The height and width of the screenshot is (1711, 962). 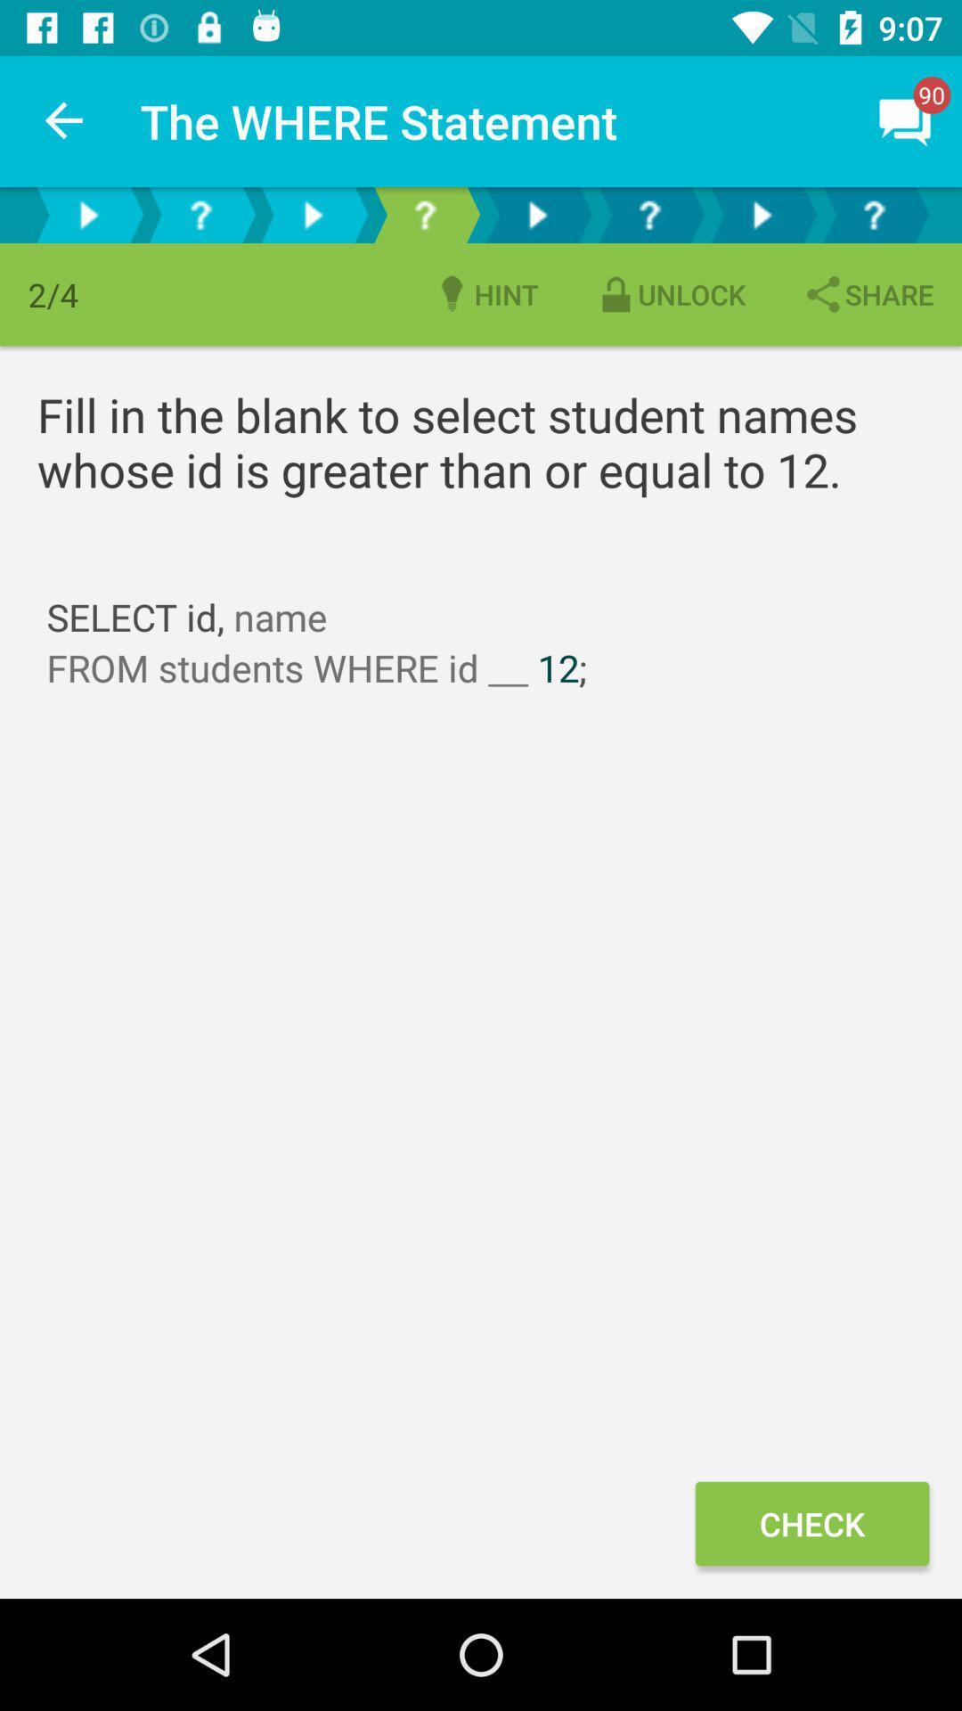 What do you see at coordinates (649, 214) in the screenshot?
I see `question` at bounding box center [649, 214].